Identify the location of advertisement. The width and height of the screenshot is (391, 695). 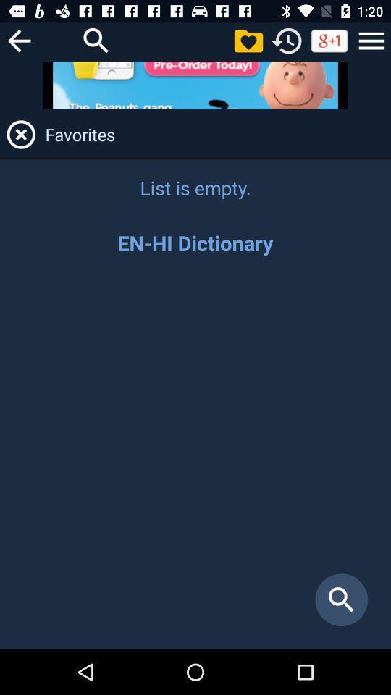
(195, 85).